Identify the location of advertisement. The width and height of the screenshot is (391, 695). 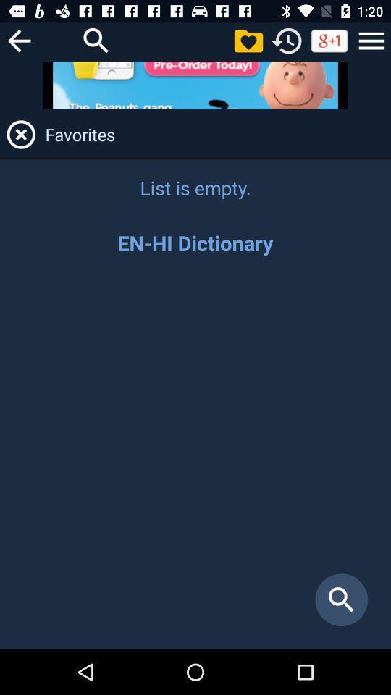
(195, 85).